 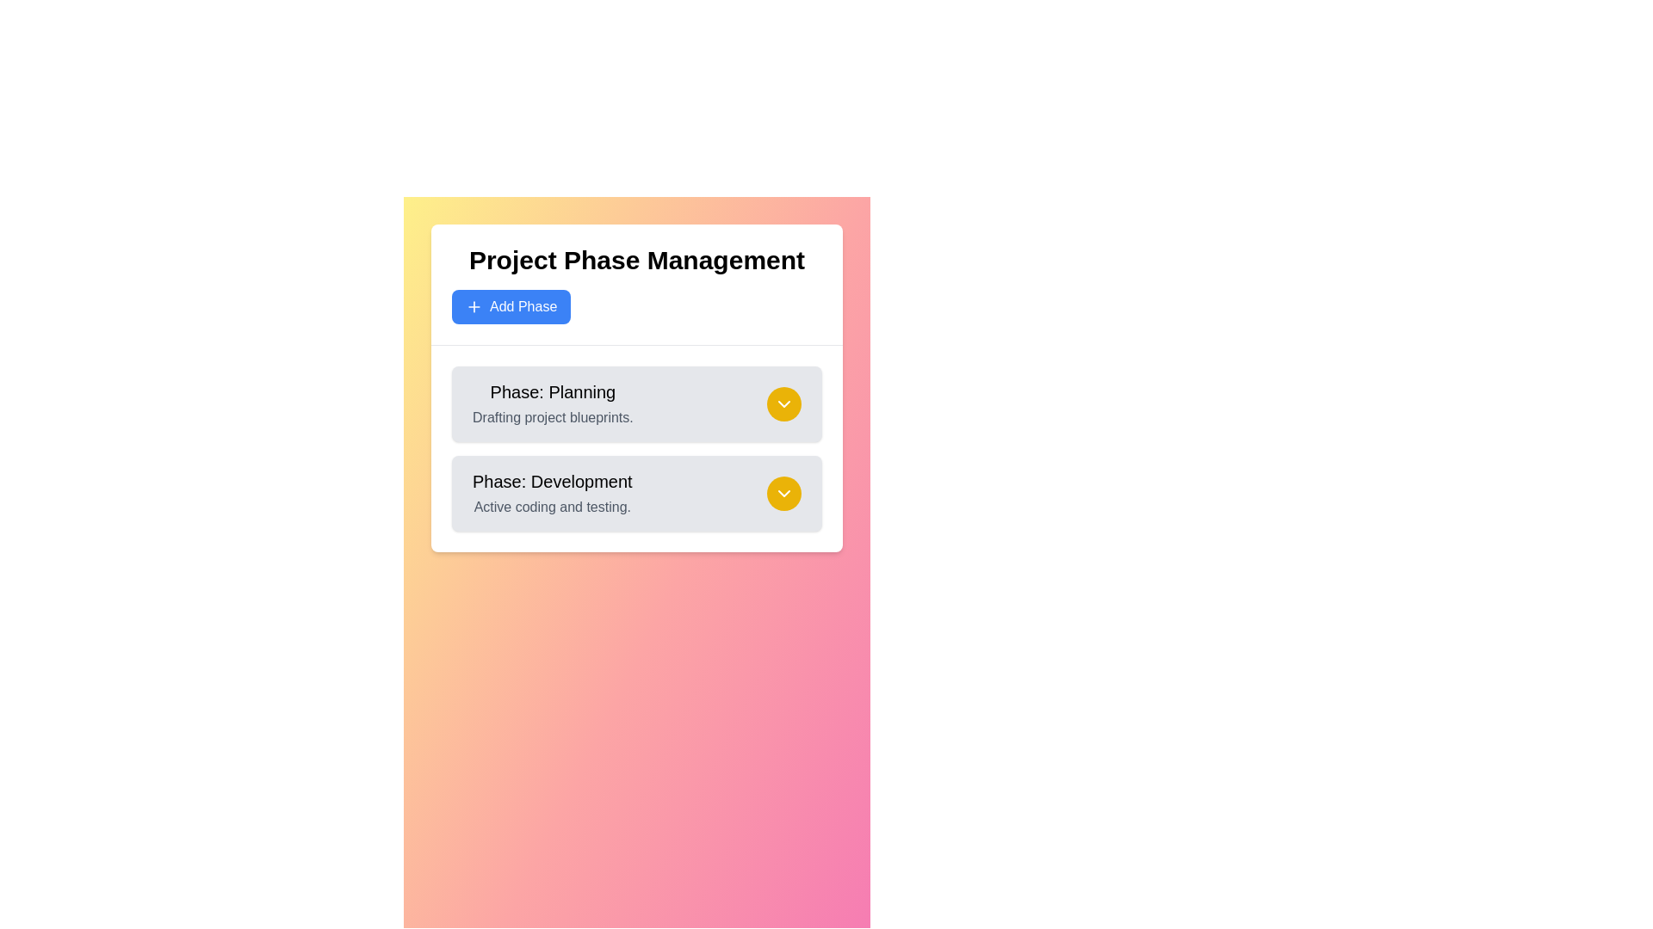 I want to click on the static text label displaying the 'Planning' phase information and its description 'Drafting project blueprints.', so click(x=553, y=404).